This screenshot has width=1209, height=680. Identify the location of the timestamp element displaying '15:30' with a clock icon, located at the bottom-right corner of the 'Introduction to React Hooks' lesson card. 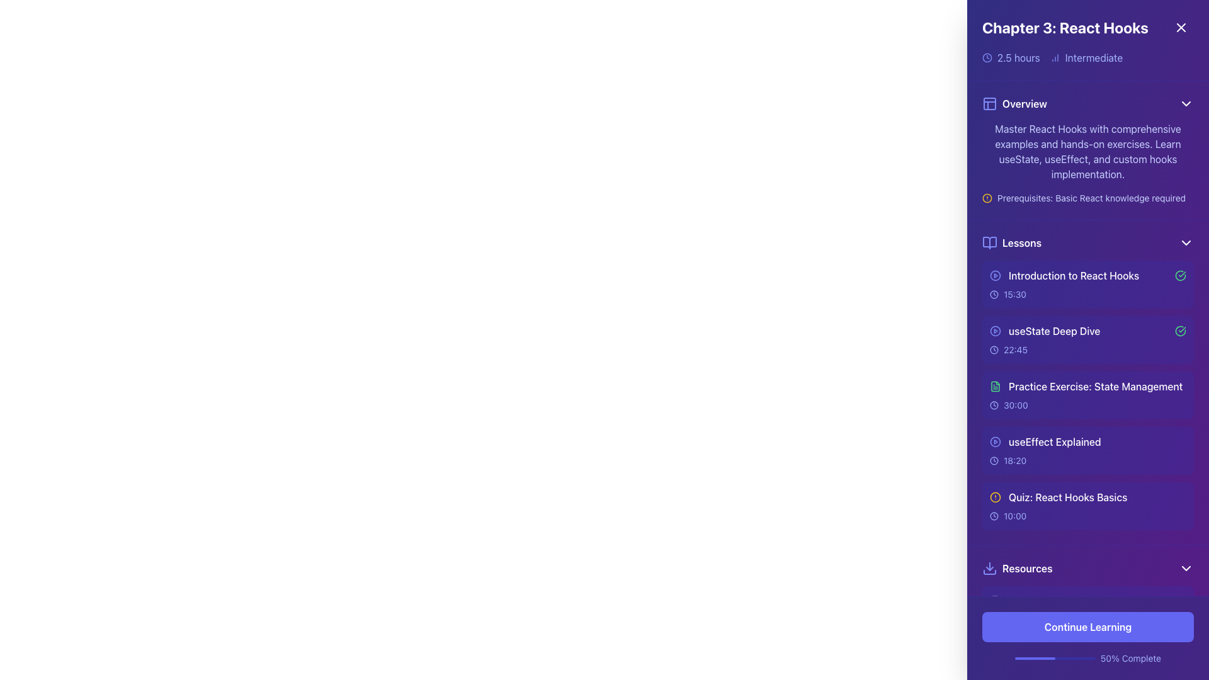
(1087, 294).